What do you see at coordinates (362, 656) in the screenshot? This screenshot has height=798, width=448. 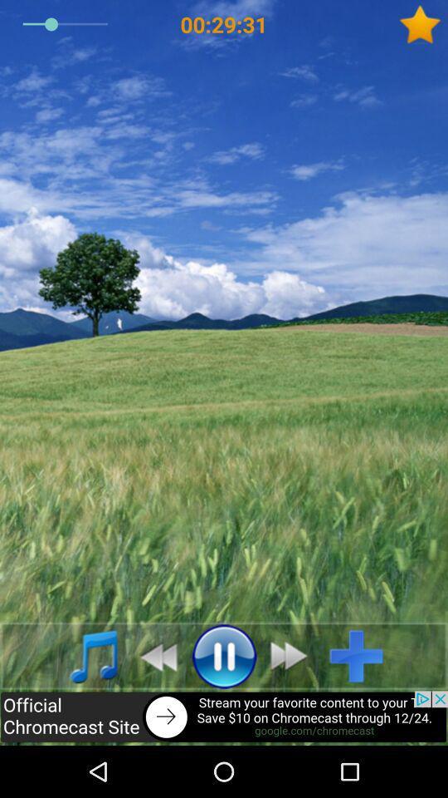 I see `music` at bounding box center [362, 656].